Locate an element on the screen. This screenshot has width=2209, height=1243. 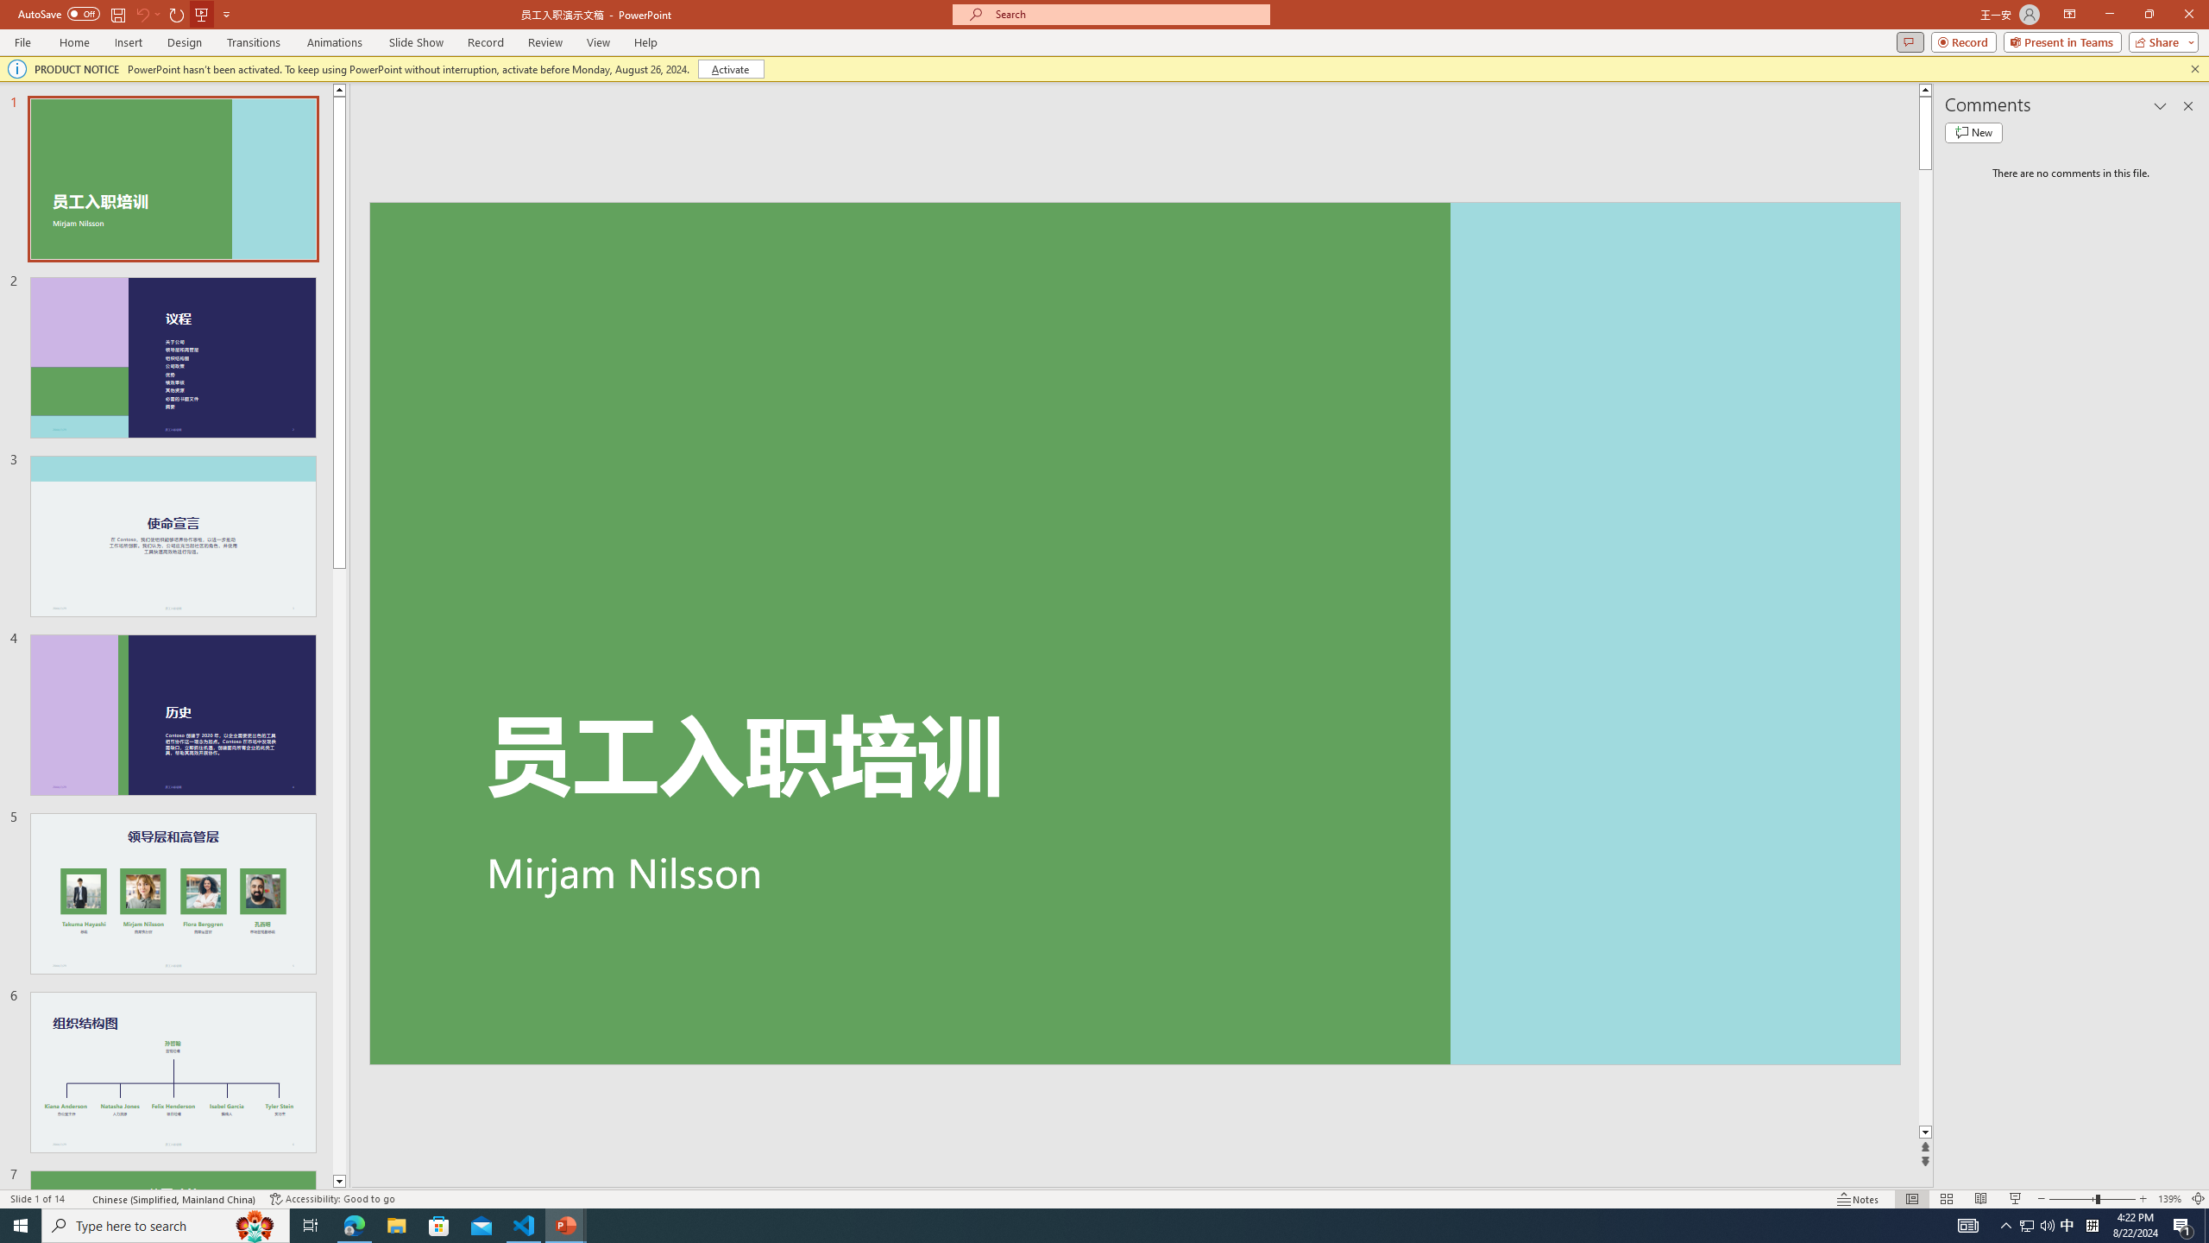
'Zoom 139%' is located at coordinates (2170, 1199).